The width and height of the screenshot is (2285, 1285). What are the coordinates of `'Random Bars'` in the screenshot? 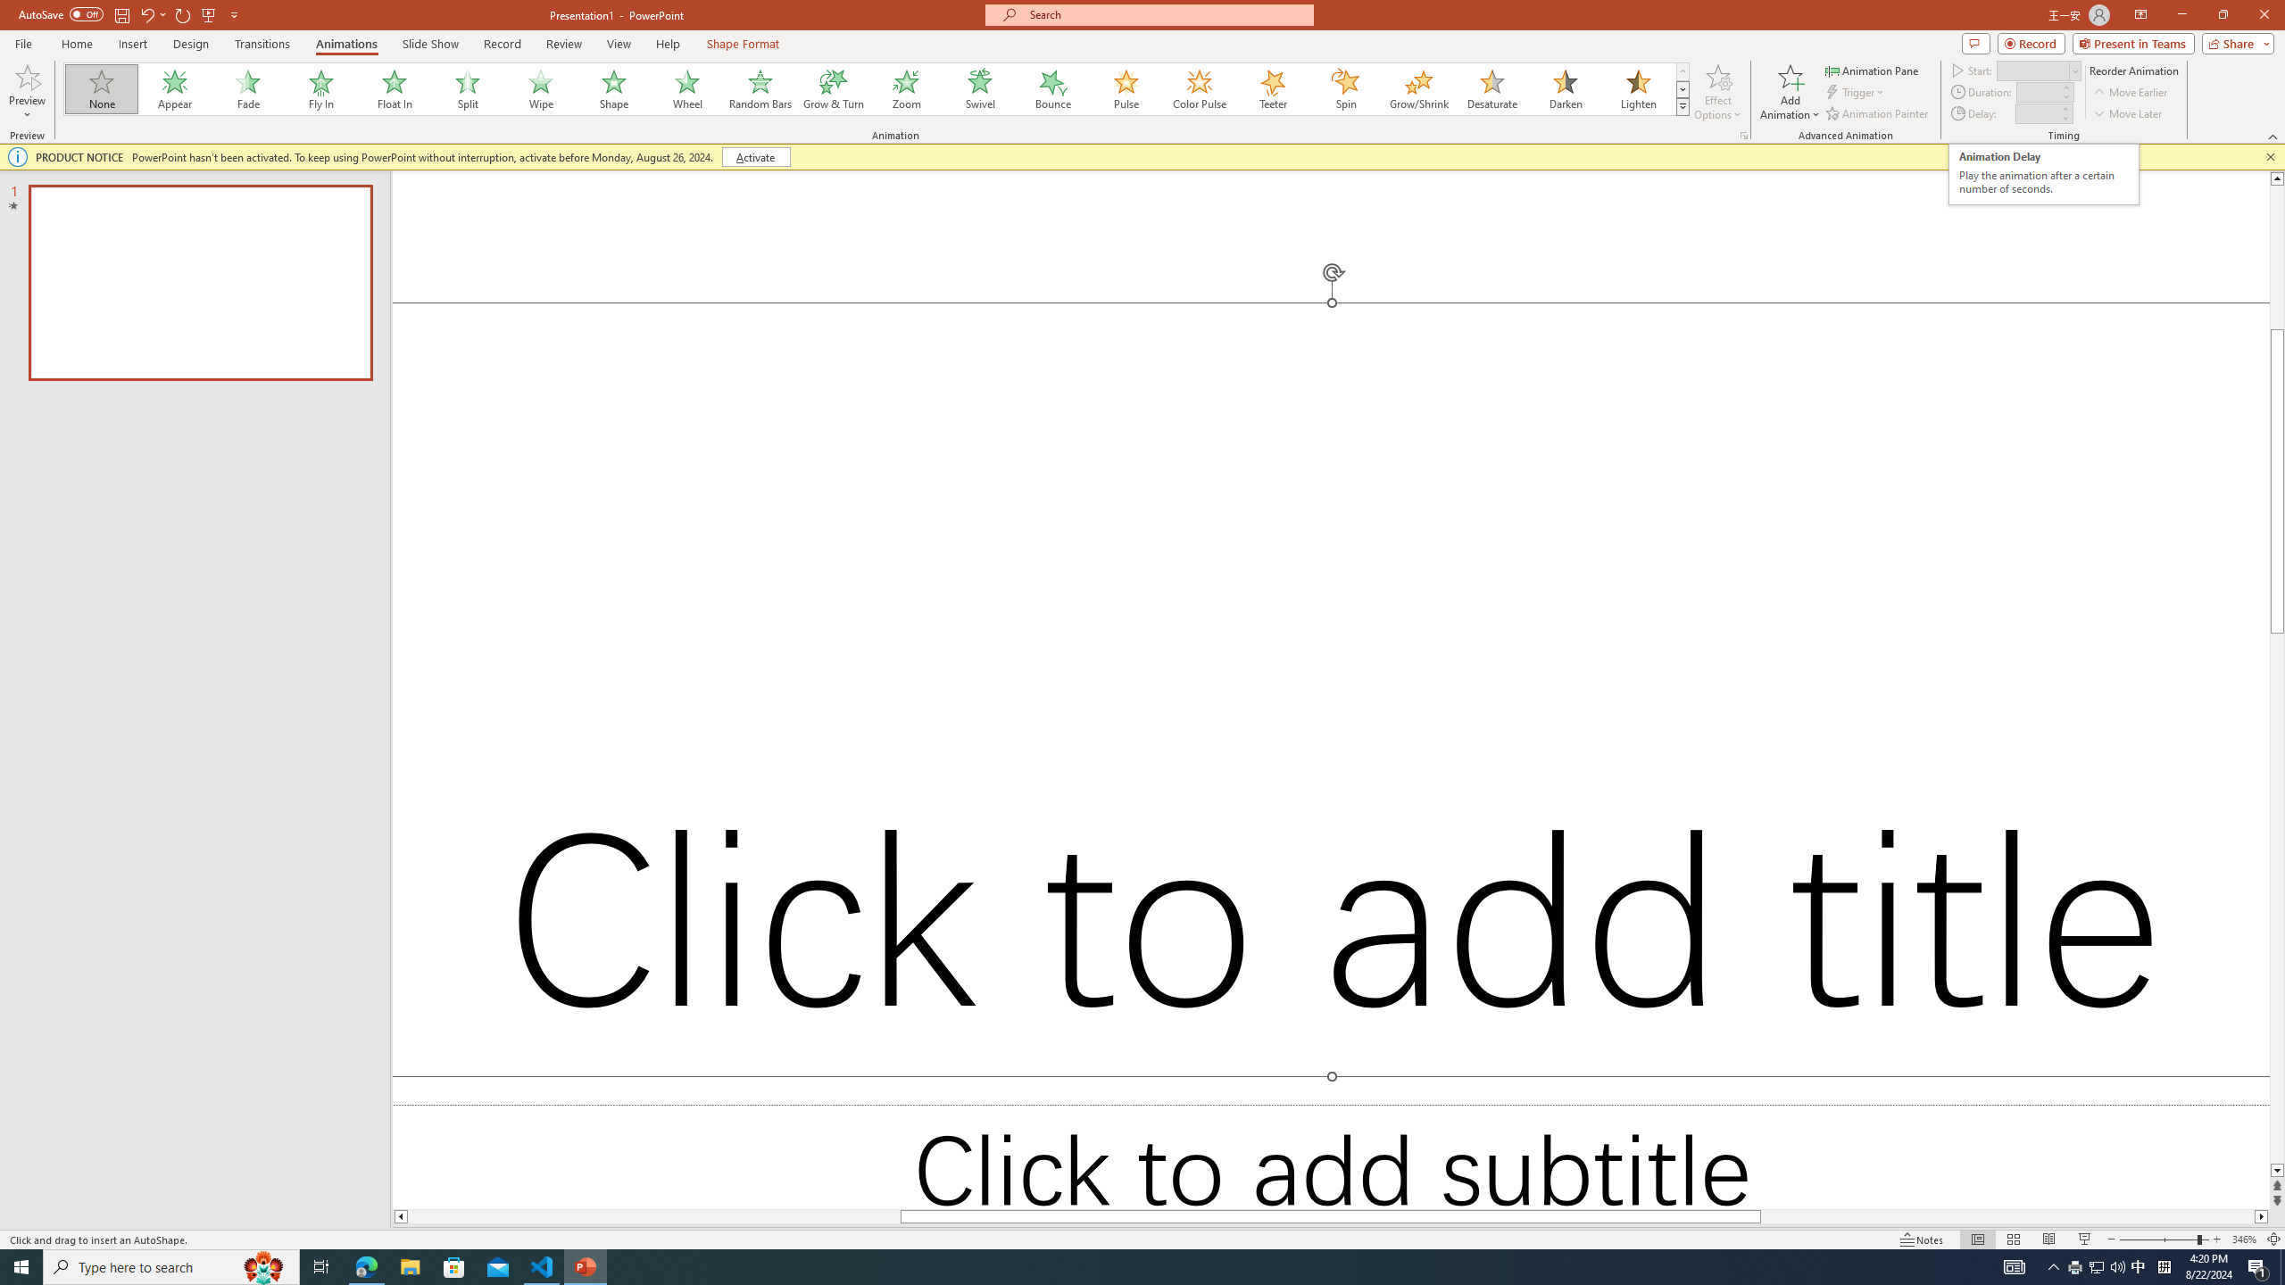 It's located at (760, 88).